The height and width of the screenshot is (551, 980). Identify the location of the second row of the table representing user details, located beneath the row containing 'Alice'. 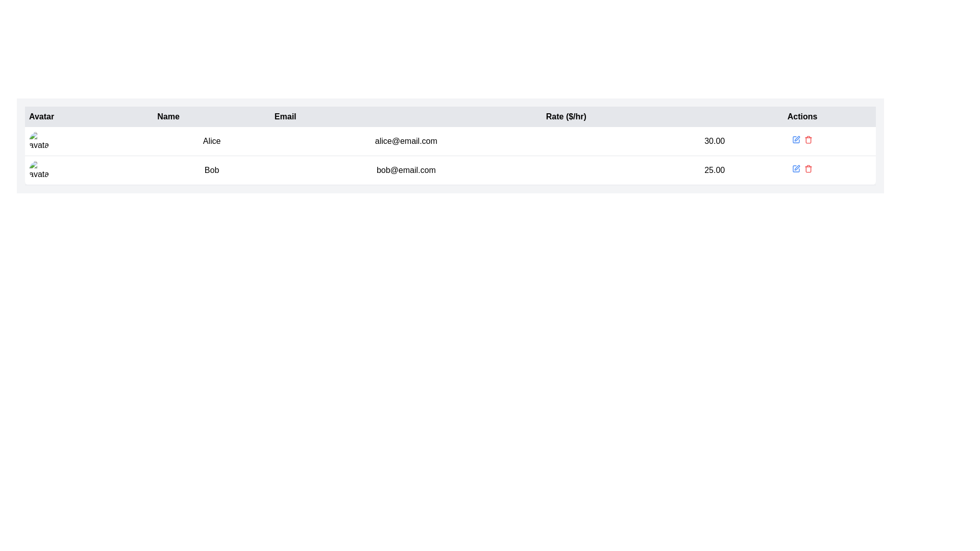
(450, 170).